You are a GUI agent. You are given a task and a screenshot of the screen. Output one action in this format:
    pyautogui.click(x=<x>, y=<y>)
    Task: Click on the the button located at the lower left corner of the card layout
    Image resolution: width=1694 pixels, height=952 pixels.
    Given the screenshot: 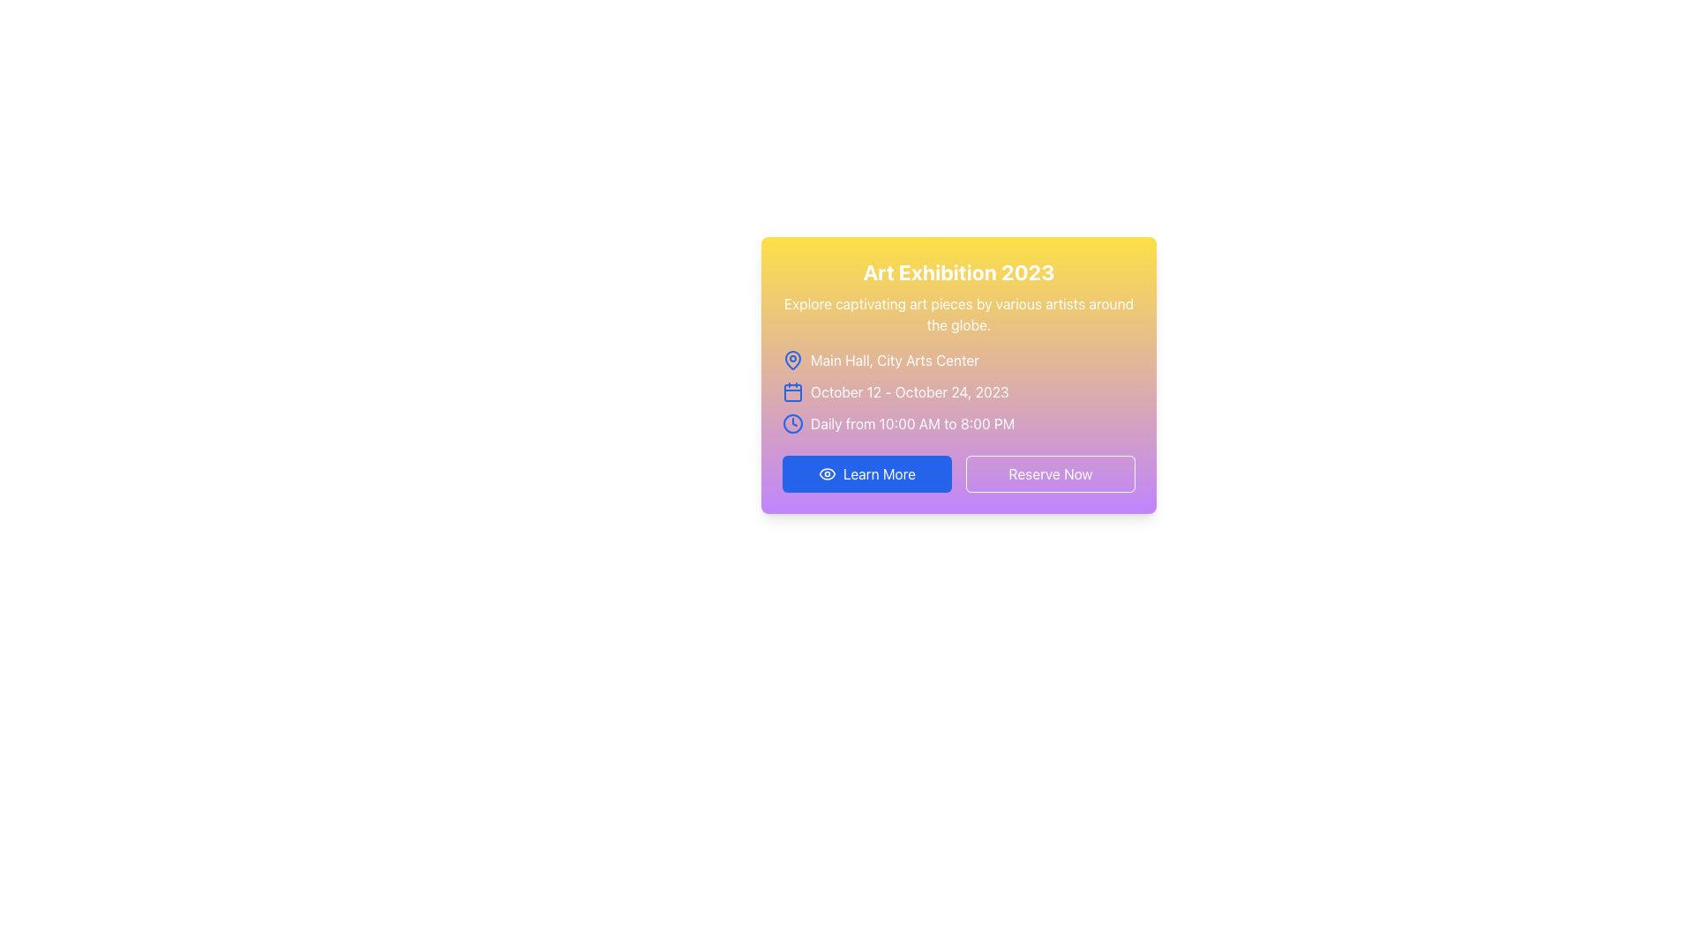 What is the action you would take?
    pyautogui.click(x=867, y=472)
    